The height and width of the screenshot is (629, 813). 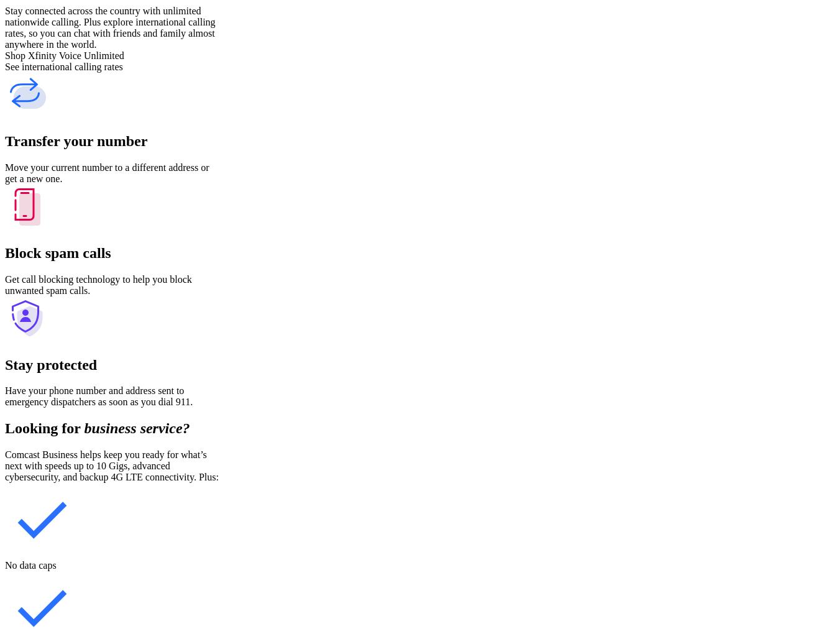 What do you see at coordinates (111, 466) in the screenshot?
I see `'Comcast Business helps keep you ready for what’s next with speeds up to 10 Gigs, advanced cybersecurity, and backup 4G LTE connectivity. Plus:'` at bounding box center [111, 466].